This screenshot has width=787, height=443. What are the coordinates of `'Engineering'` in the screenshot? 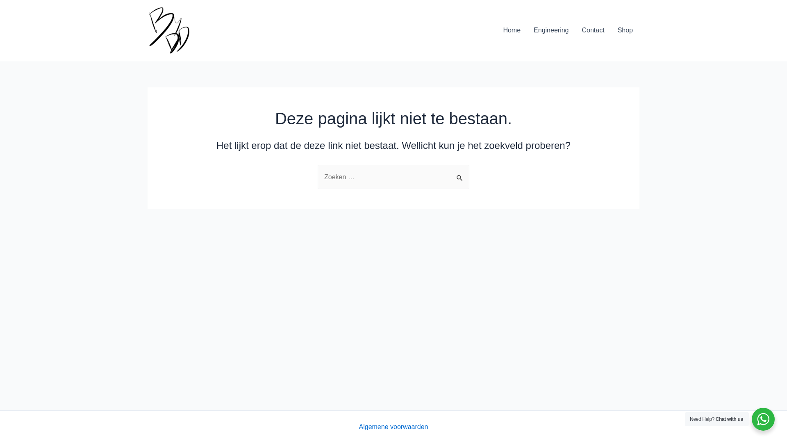 It's located at (551, 30).